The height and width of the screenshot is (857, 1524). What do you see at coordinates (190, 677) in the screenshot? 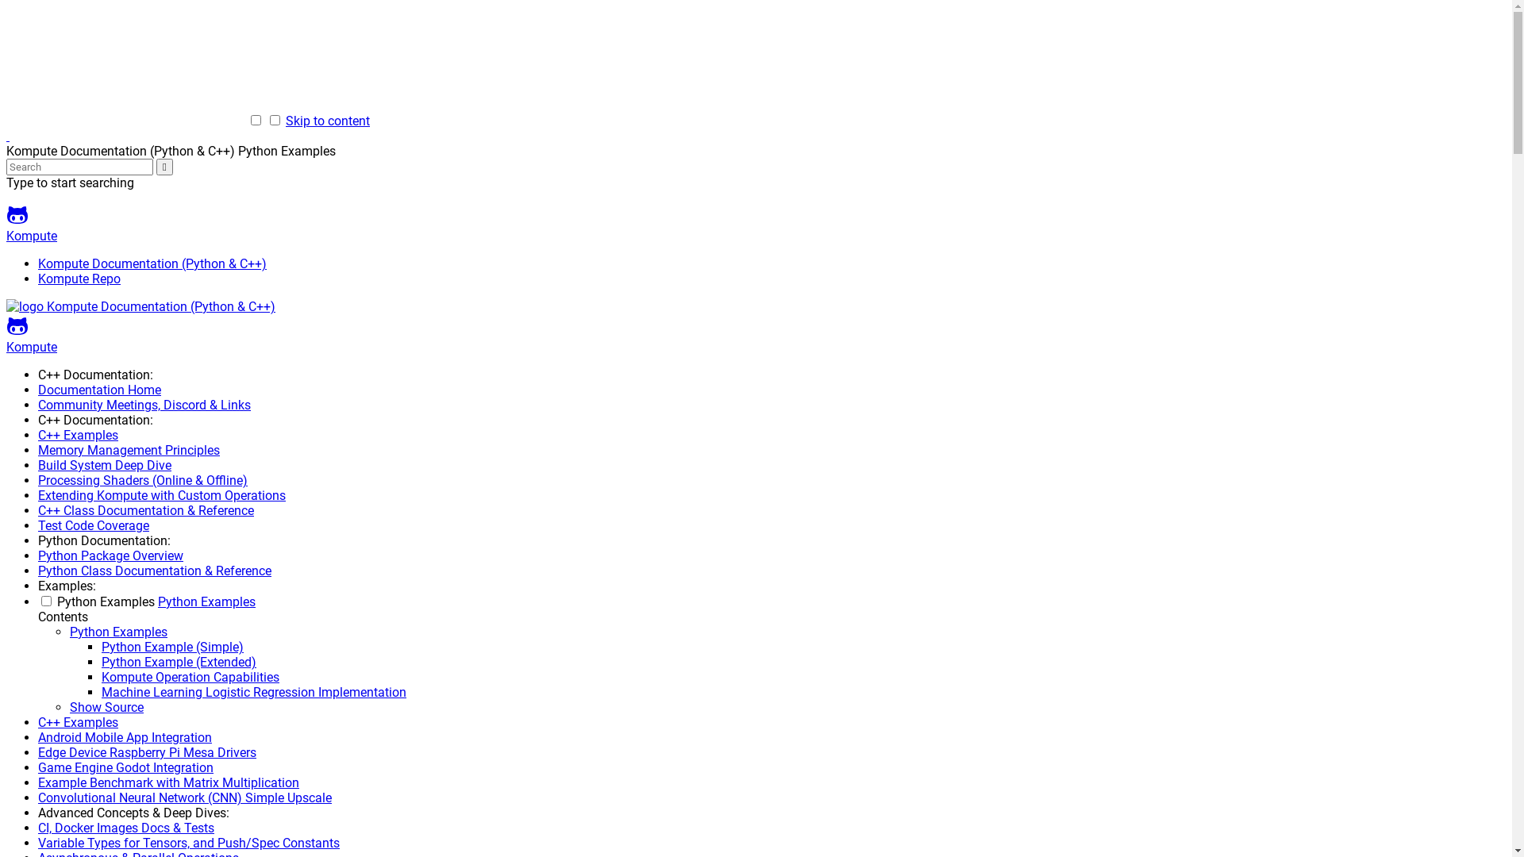
I see `'Kompute Operation Capabilities'` at bounding box center [190, 677].